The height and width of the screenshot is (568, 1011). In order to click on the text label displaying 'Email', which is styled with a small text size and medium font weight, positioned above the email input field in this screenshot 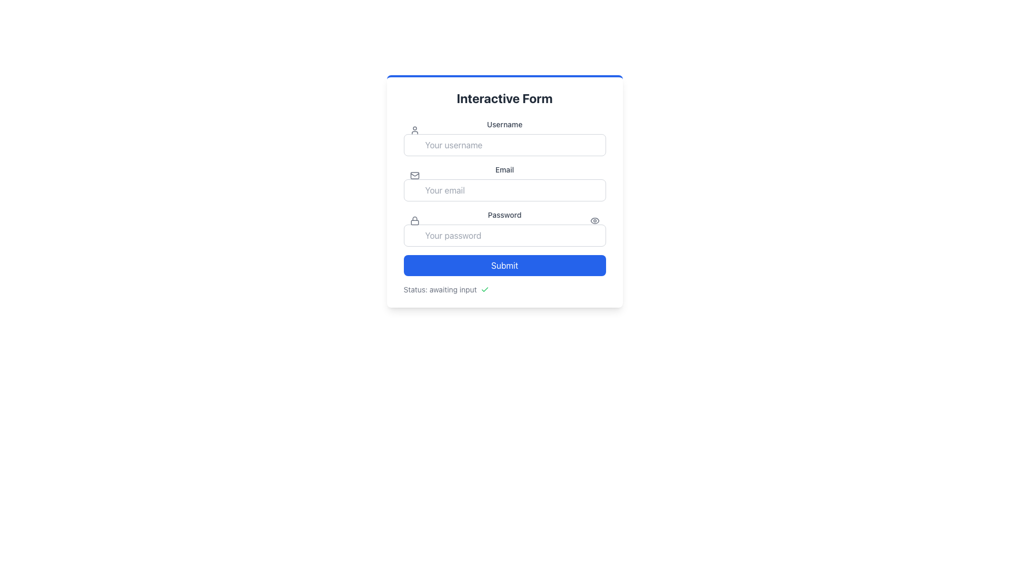, I will do `click(504, 169)`.